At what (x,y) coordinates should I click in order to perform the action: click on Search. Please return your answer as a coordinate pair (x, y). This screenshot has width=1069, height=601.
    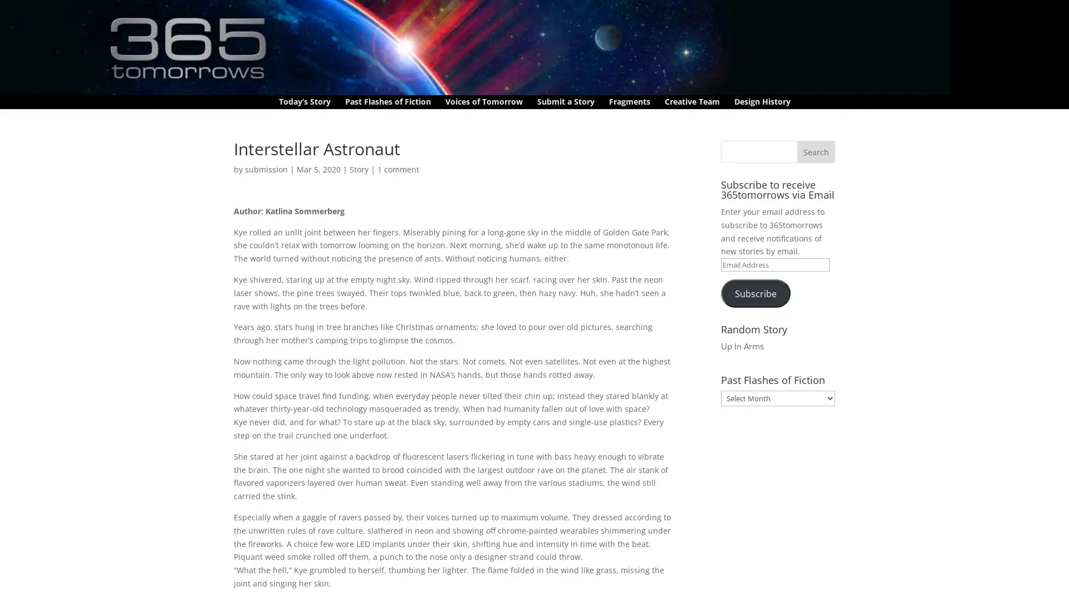
    Looking at the image, I should click on (816, 152).